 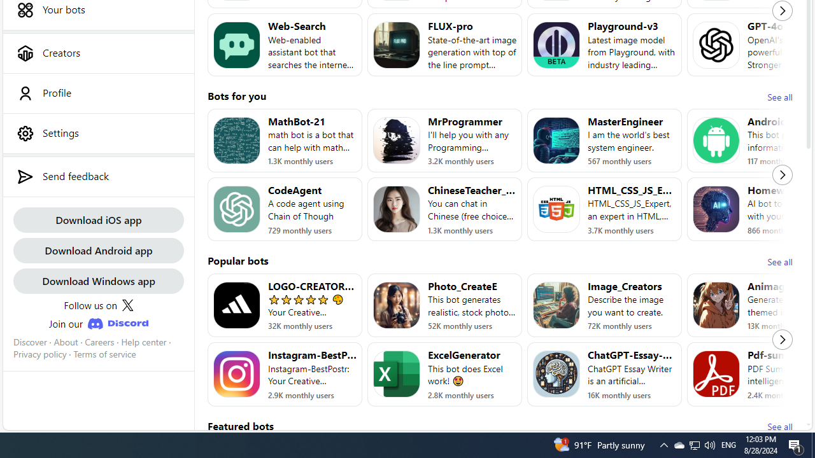 What do you see at coordinates (97, 133) in the screenshot?
I see `'Settings'` at bounding box center [97, 133].